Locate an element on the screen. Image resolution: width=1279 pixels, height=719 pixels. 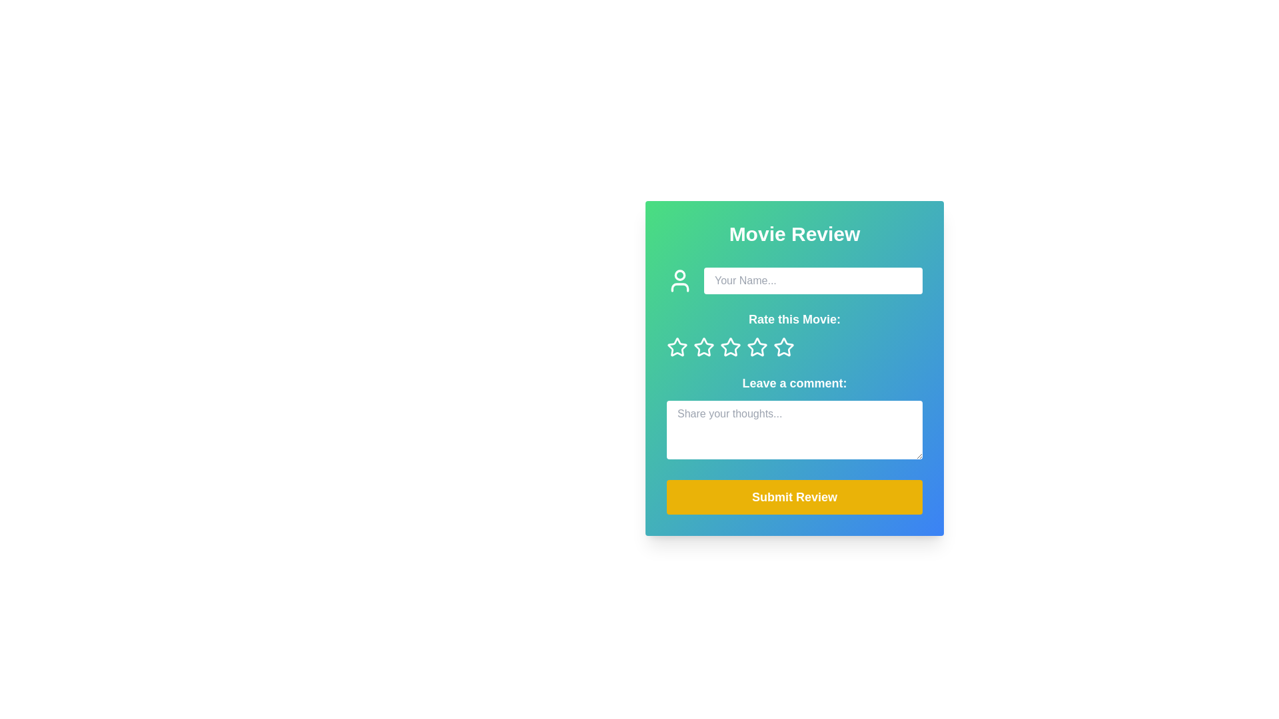
the Decorative user icon, which is a minimalist design with a circular head and semi-circular shoulders, located at the top-left corner of the form before the 'Your Name...' input field is located at coordinates (680, 280).